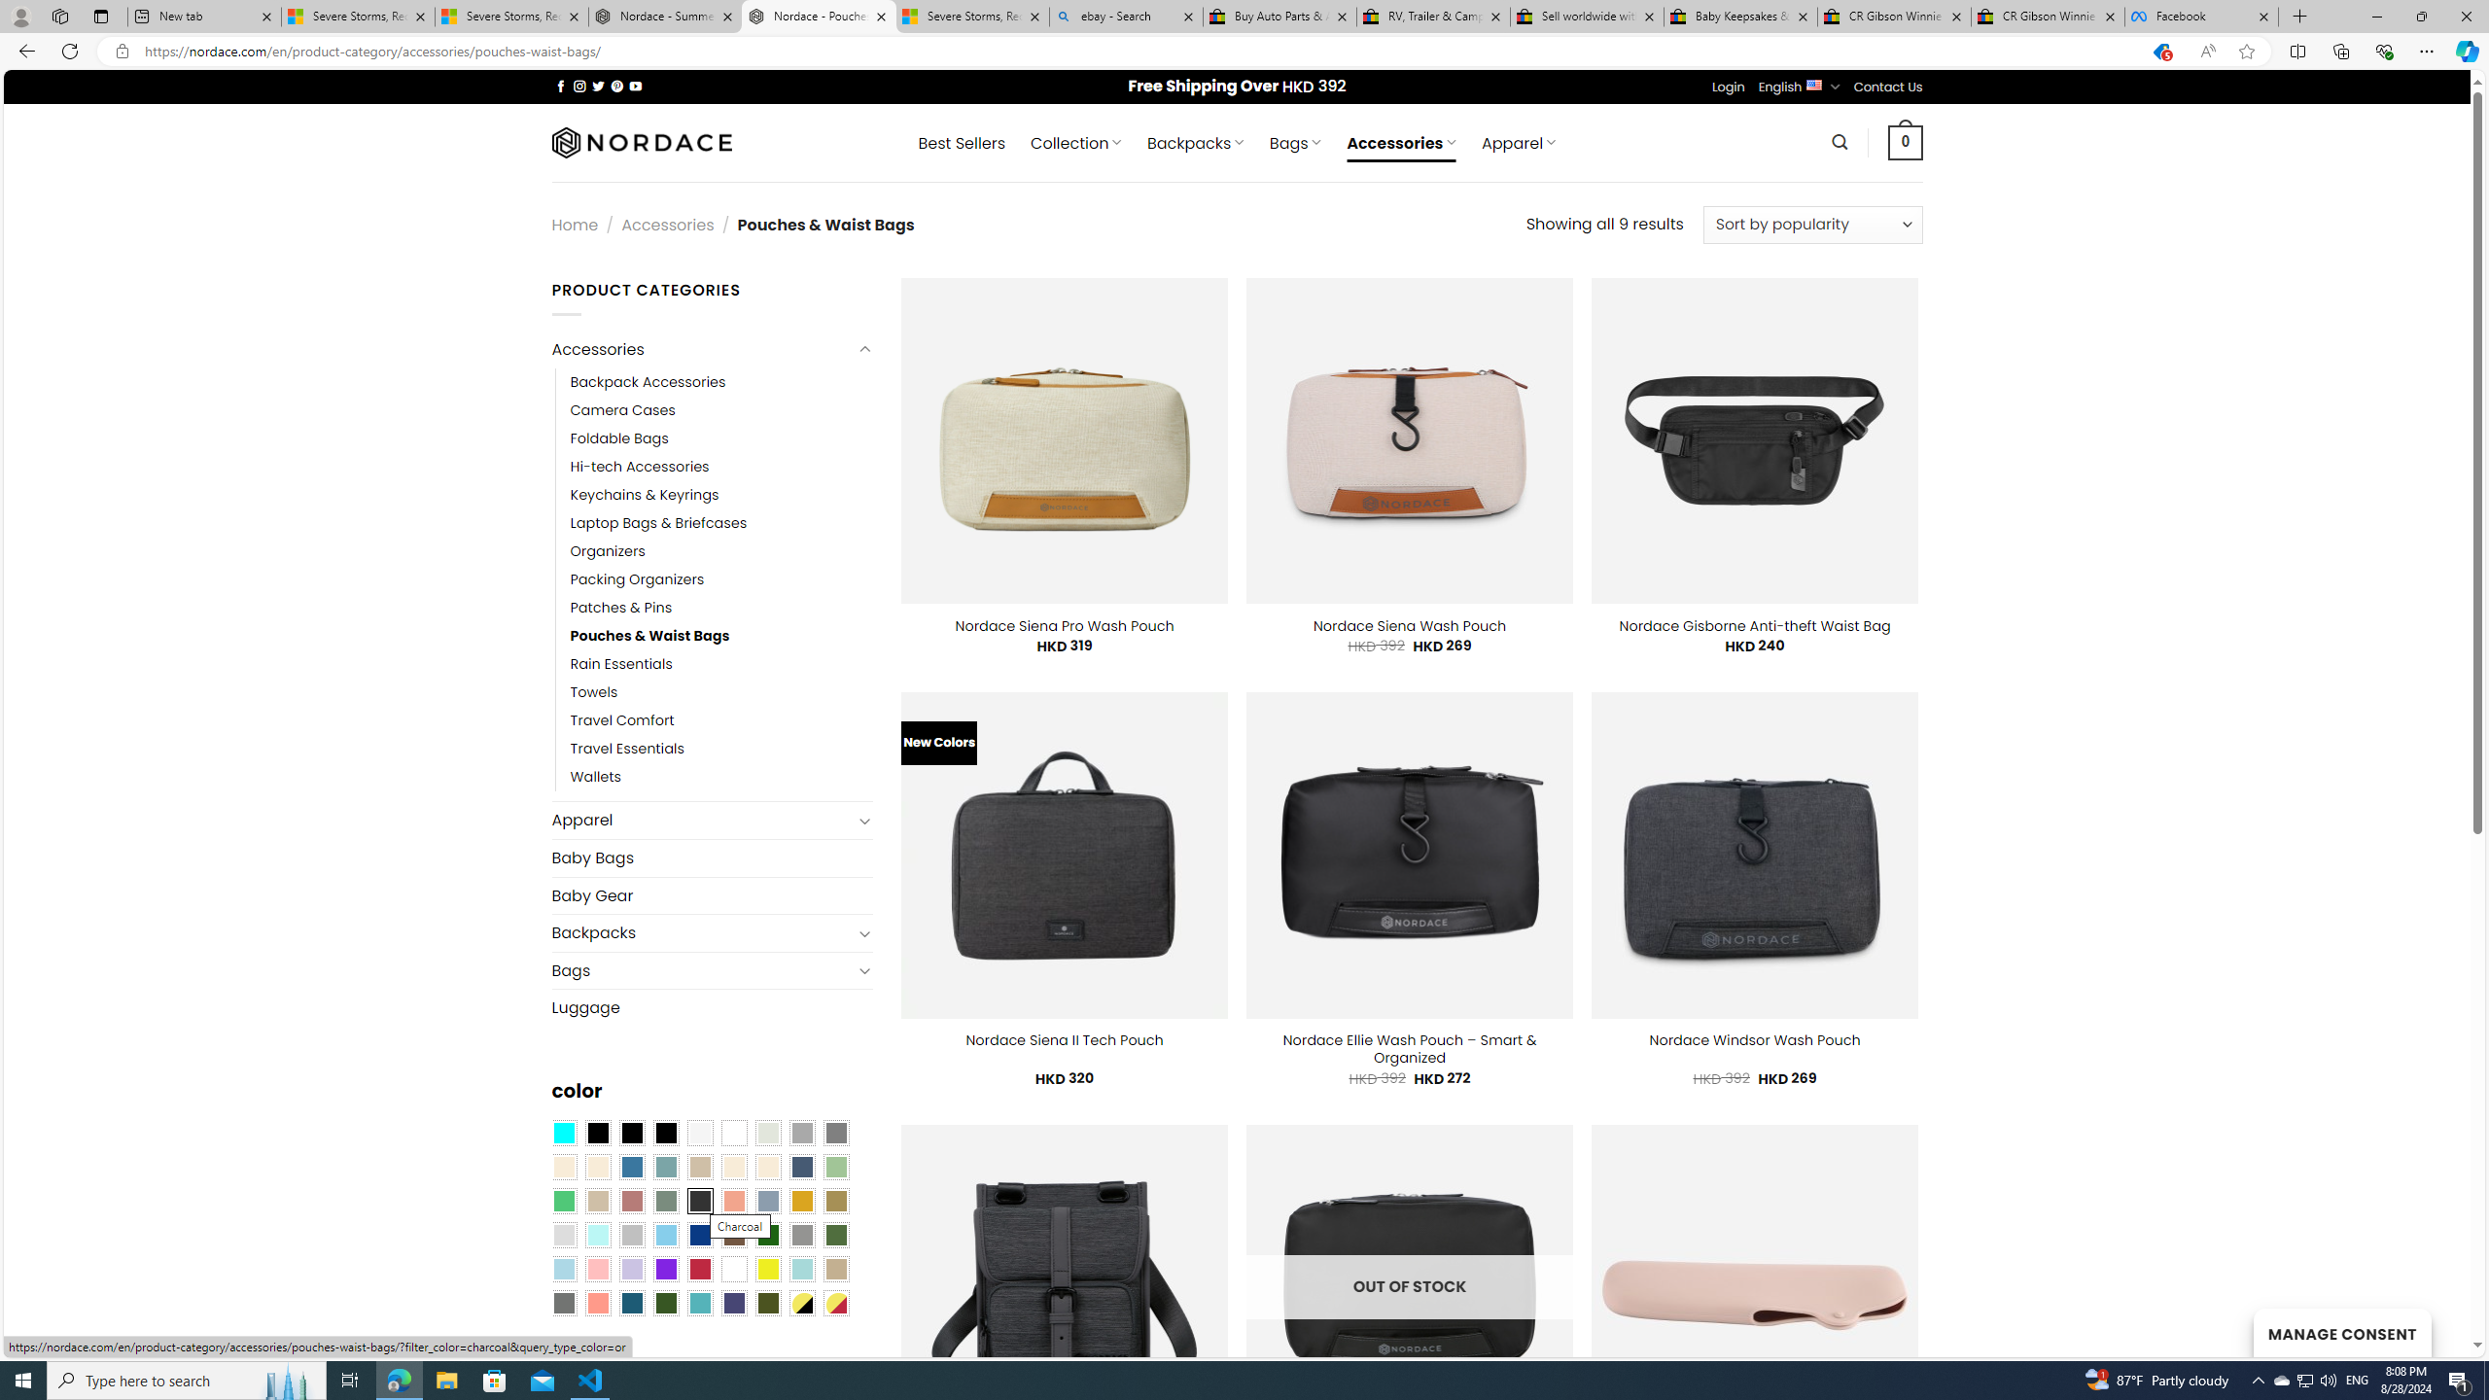 The width and height of the screenshot is (2489, 1400). What do you see at coordinates (2159, 52) in the screenshot?
I see `'This site has coupons! Shopping in Microsoft Edge, 5'` at bounding box center [2159, 52].